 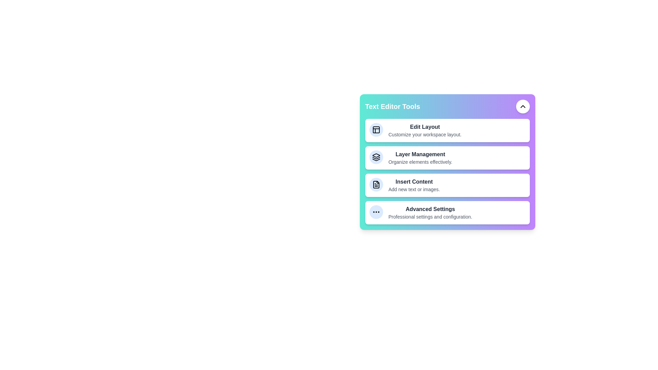 What do you see at coordinates (376, 129) in the screenshot?
I see `the tool icon corresponding to Edit Layout` at bounding box center [376, 129].